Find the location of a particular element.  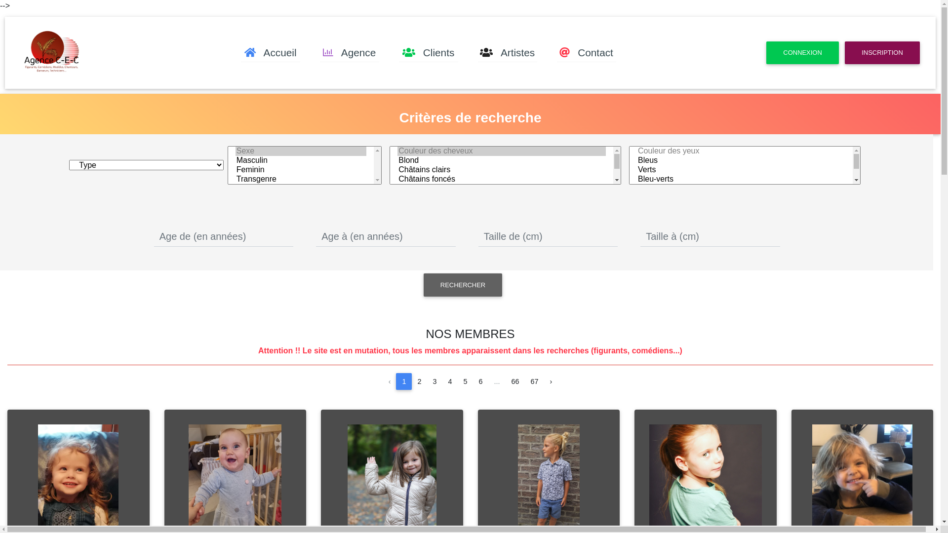

'2' is located at coordinates (419, 381).